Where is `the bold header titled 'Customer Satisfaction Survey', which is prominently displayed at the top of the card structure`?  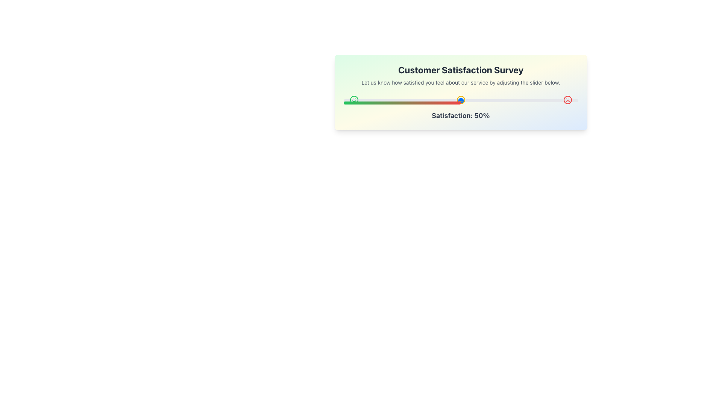
the bold header titled 'Customer Satisfaction Survey', which is prominently displayed at the top of the card structure is located at coordinates (460, 70).